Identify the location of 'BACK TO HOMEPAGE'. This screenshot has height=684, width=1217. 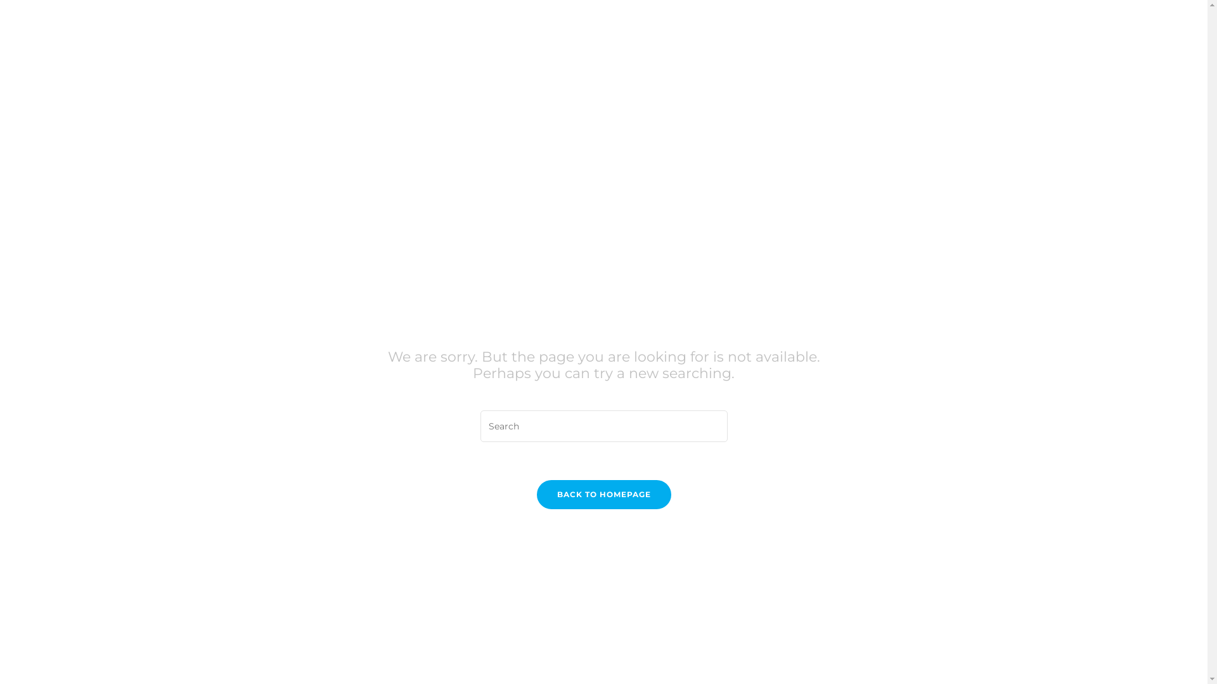
(536, 493).